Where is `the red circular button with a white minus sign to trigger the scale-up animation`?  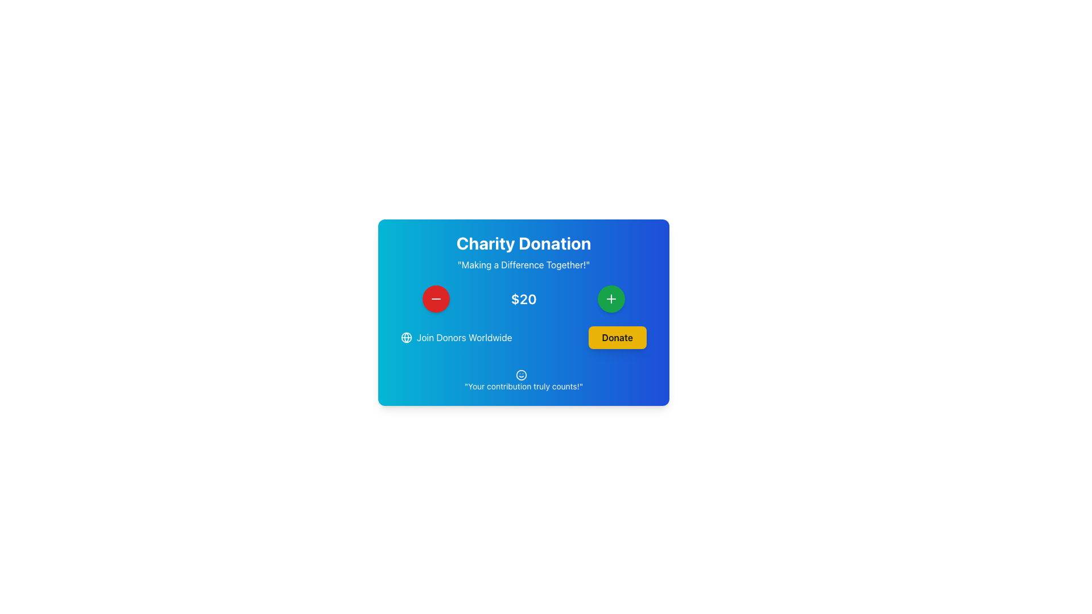
the red circular button with a white minus sign to trigger the scale-up animation is located at coordinates (435, 298).